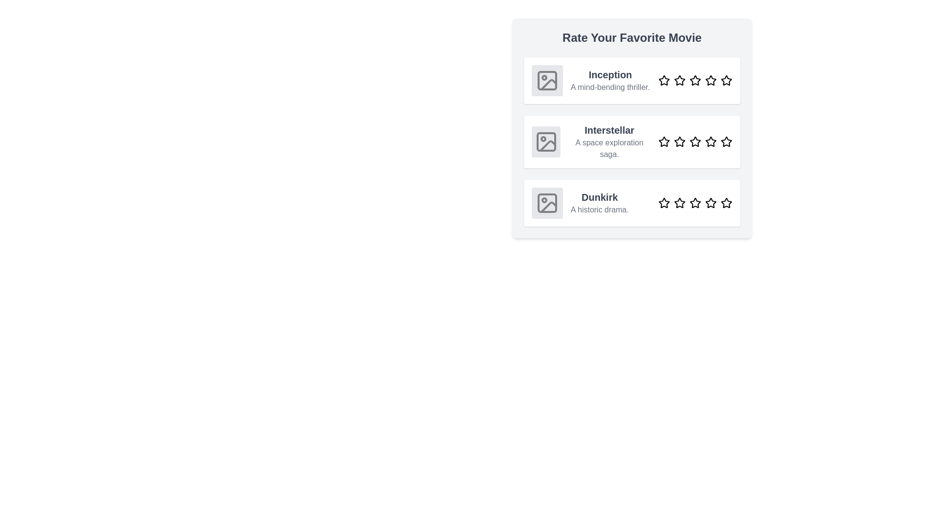  Describe the element at coordinates (609, 148) in the screenshot. I see `text label that serves as a subtitle or description for the movie title 'Interstellar', located below the title text and to the right of the image placeholder` at that location.